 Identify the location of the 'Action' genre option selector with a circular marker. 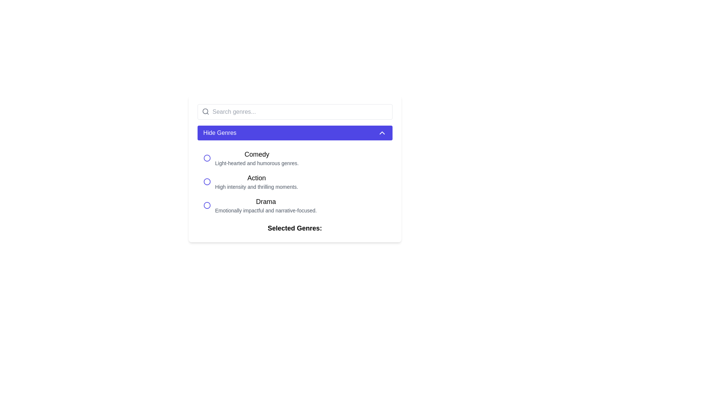
(294, 182).